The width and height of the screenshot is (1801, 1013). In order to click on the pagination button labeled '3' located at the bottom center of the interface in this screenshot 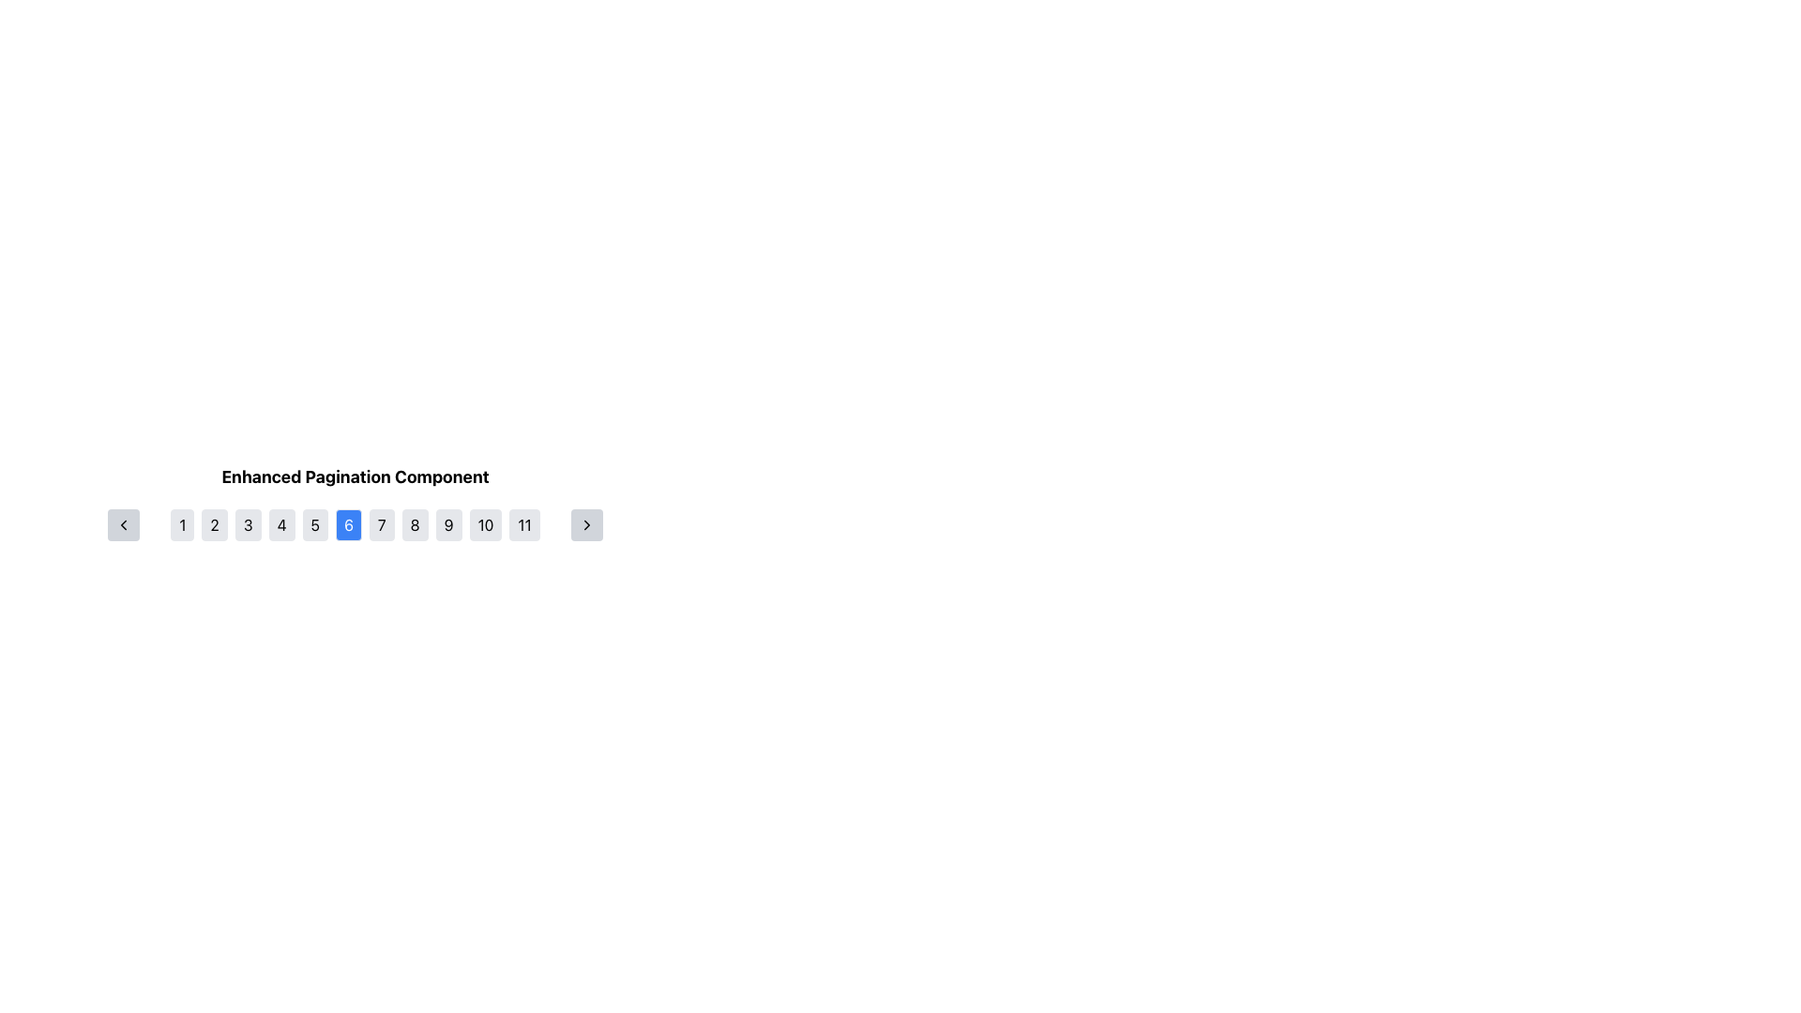, I will do `click(247, 524)`.